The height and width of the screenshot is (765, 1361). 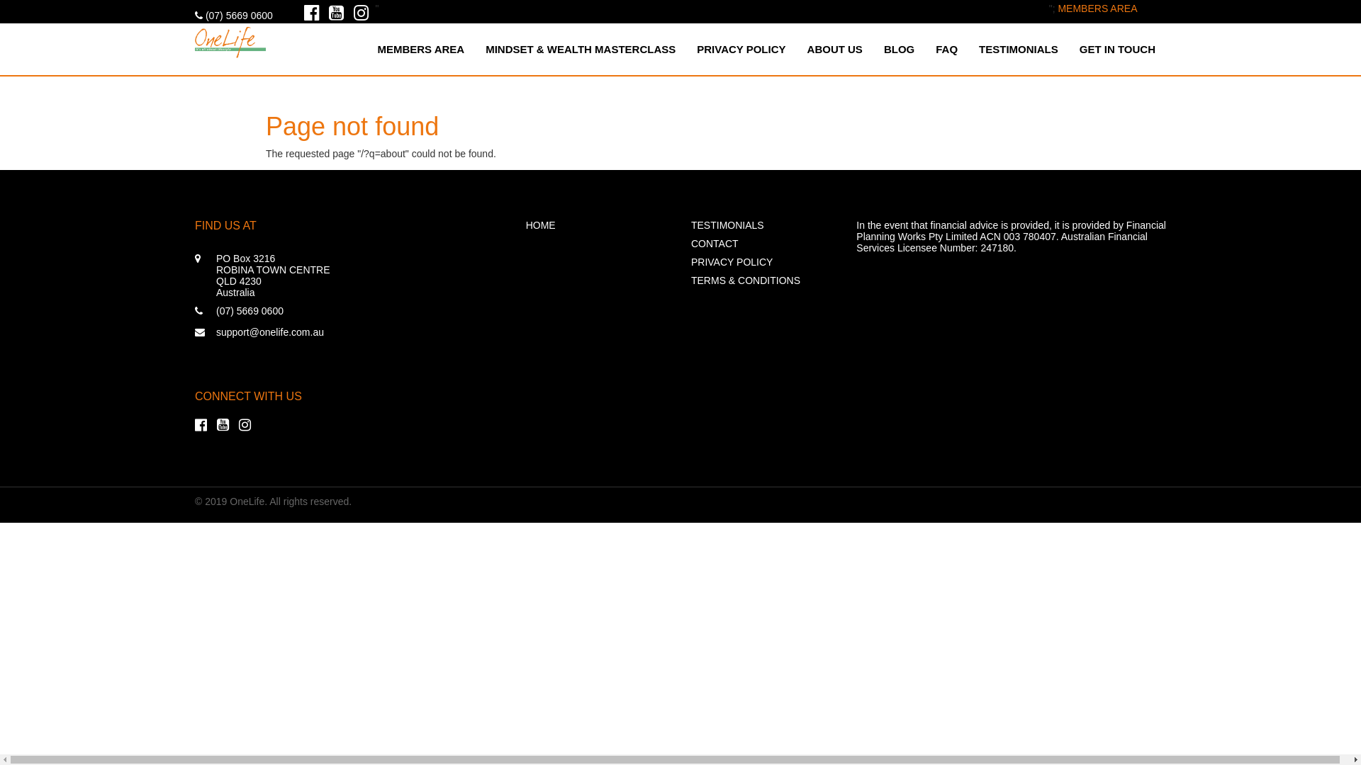 I want to click on 'TERMS & CONDITIONS', so click(x=762, y=280).